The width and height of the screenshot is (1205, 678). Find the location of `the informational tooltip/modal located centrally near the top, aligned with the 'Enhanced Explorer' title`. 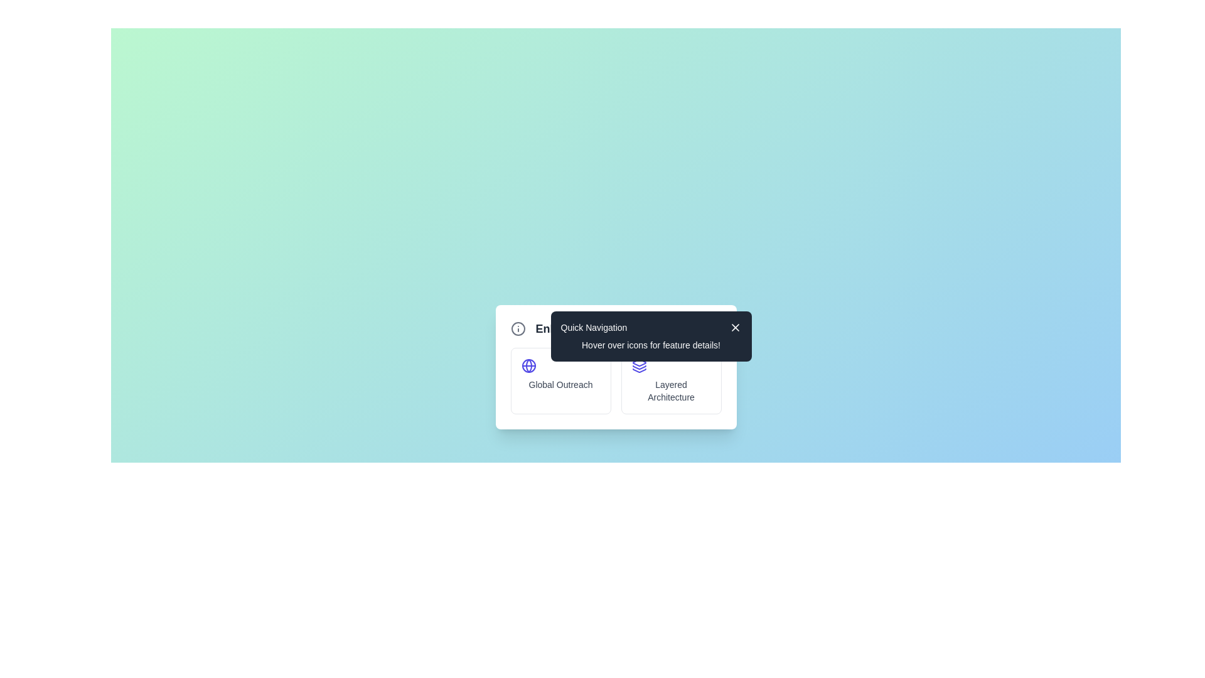

the informational tooltip/modal located centrally near the top, aligned with the 'Enhanced Explorer' title is located at coordinates (636, 328).